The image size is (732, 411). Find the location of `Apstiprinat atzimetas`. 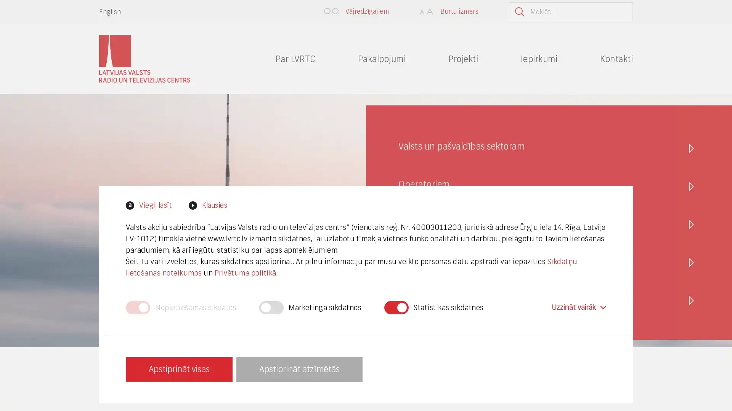

Apstiprinat atzimetas is located at coordinates (299, 368).